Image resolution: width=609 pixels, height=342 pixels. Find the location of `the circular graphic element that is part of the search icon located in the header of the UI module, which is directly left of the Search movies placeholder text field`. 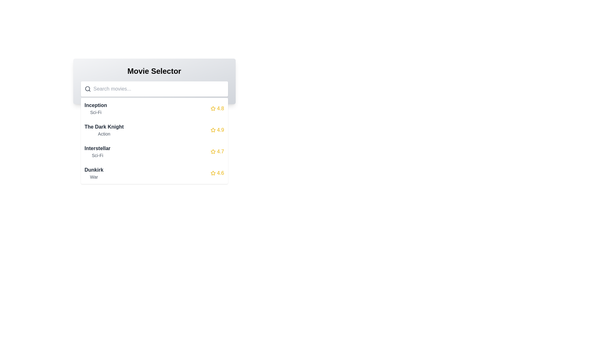

the circular graphic element that is part of the search icon located in the header of the UI module, which is directly left of the Search movies placeholder text field is located at coordinates (87, 89).